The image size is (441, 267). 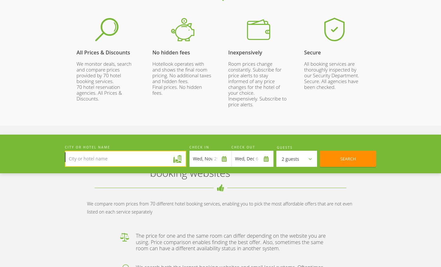 I want to click on 'Terms of Service', so click(x=138, y=124).